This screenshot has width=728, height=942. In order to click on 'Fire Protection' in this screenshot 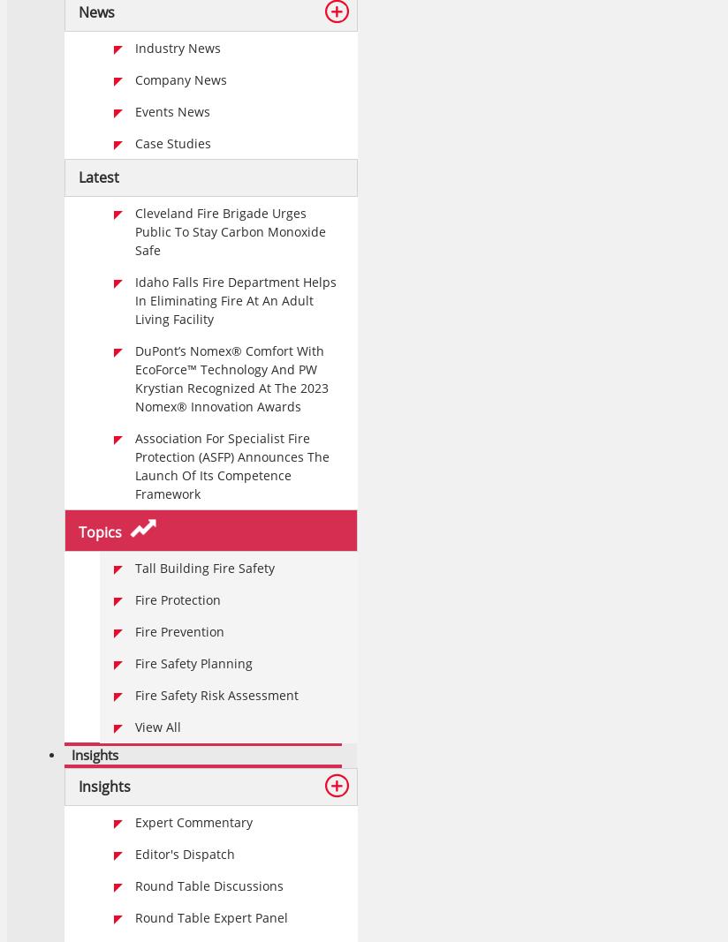, I will do `click(134, 599)`.